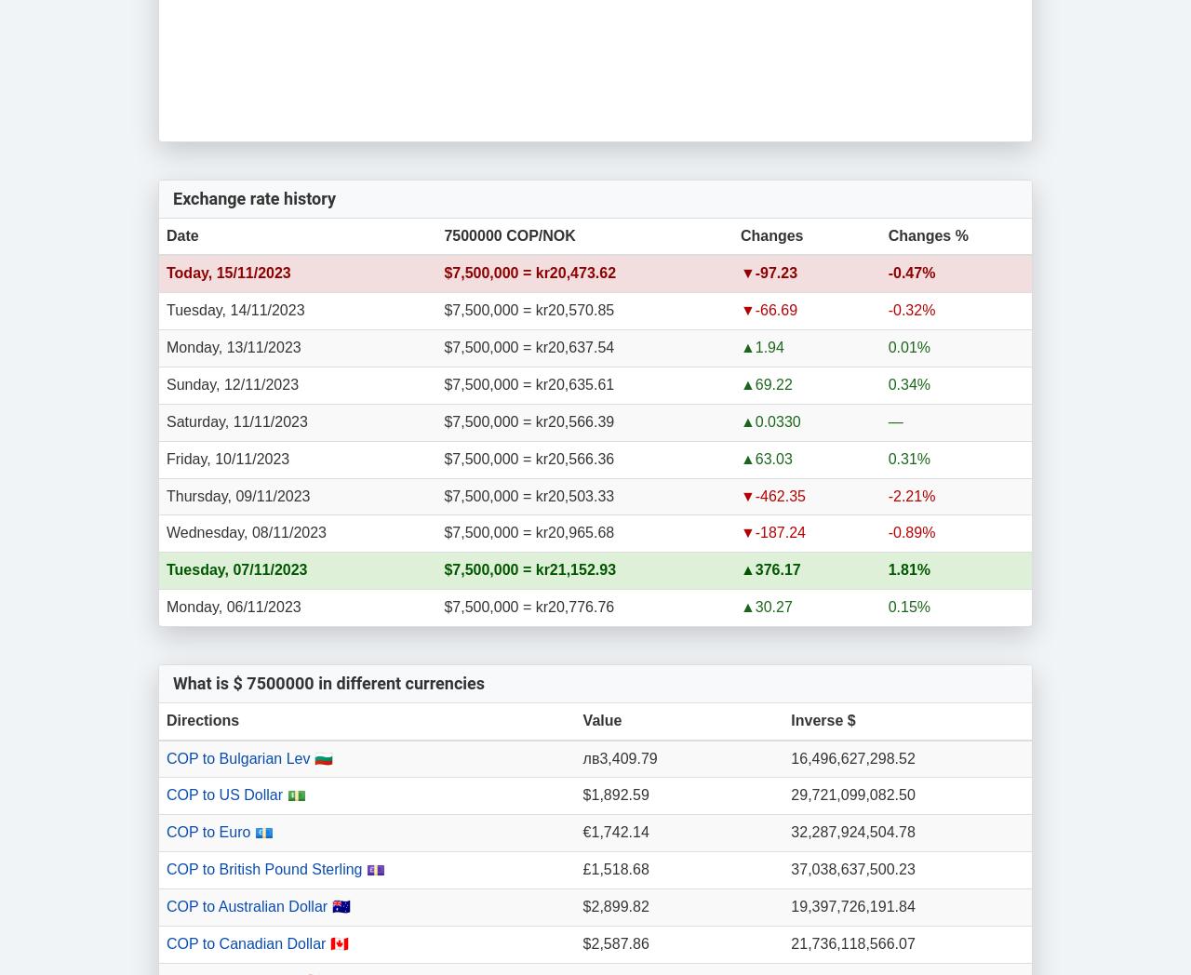 Image resolution: width=1191 pixels, height=975 pixels. I want to click on 'лв3,409.79', so click(619, 756).